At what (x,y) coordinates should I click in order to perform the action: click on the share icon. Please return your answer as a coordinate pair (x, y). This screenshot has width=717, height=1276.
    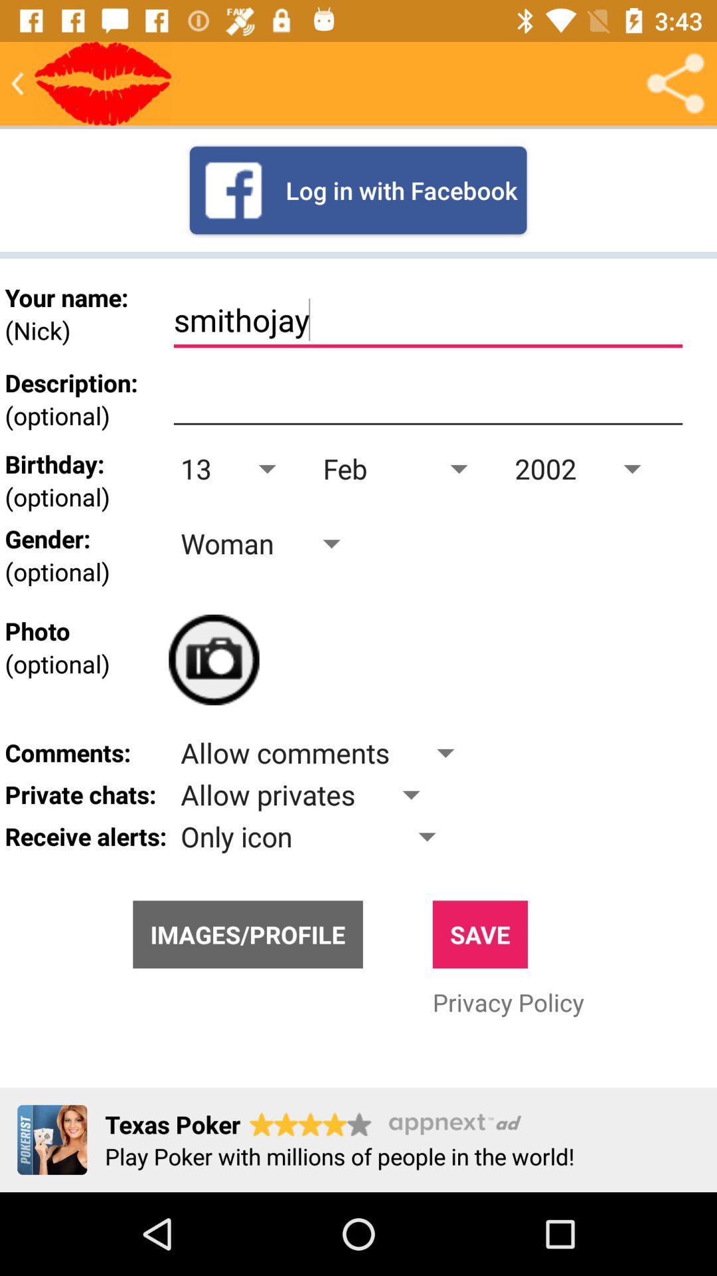
    Looking at the image, I should click on (675, 82).